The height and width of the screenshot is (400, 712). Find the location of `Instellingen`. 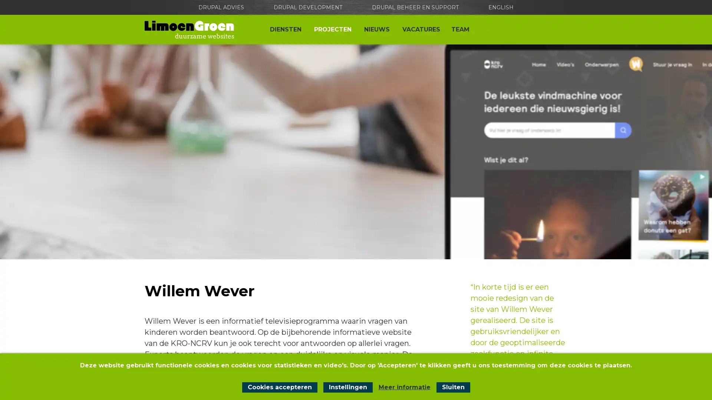

Instellingen is located at coordinates (347, 387).